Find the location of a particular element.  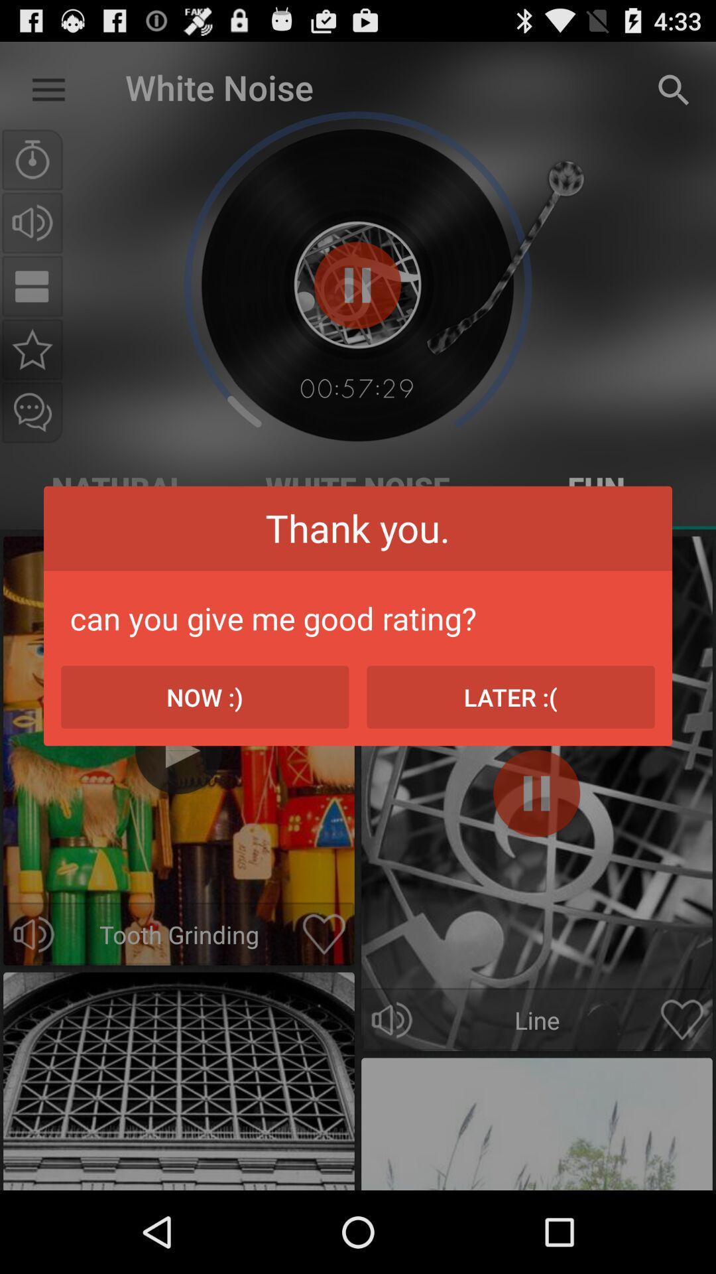

the icon on the right is located at coordinates (510, 696).